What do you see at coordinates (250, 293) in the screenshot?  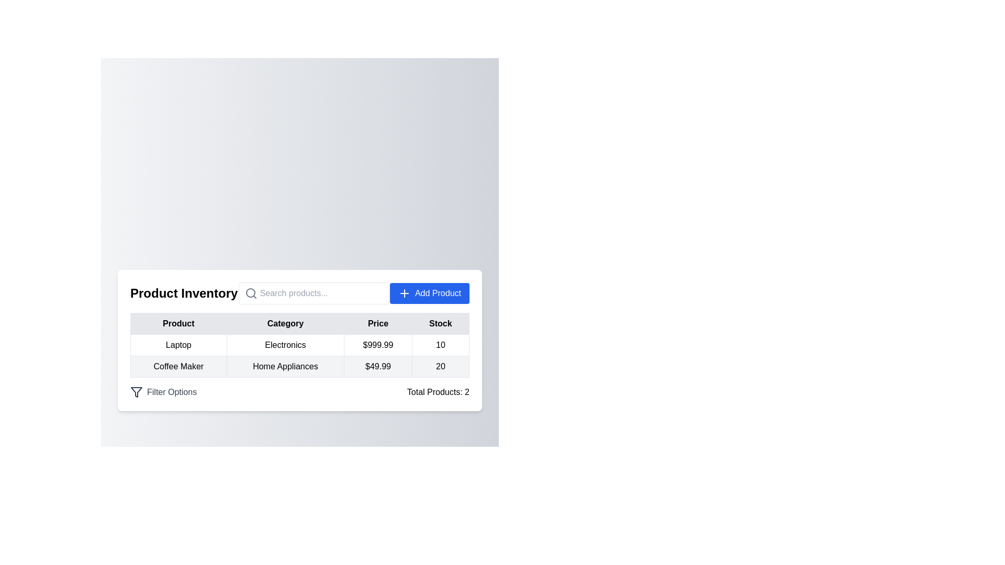 I see `the magnifying glass icon used for search functionality, located in the search bar component to the right of 'Product Inventory' and to the left of the input field placeholder 'Search products...'` at bounding box center [250, 293].